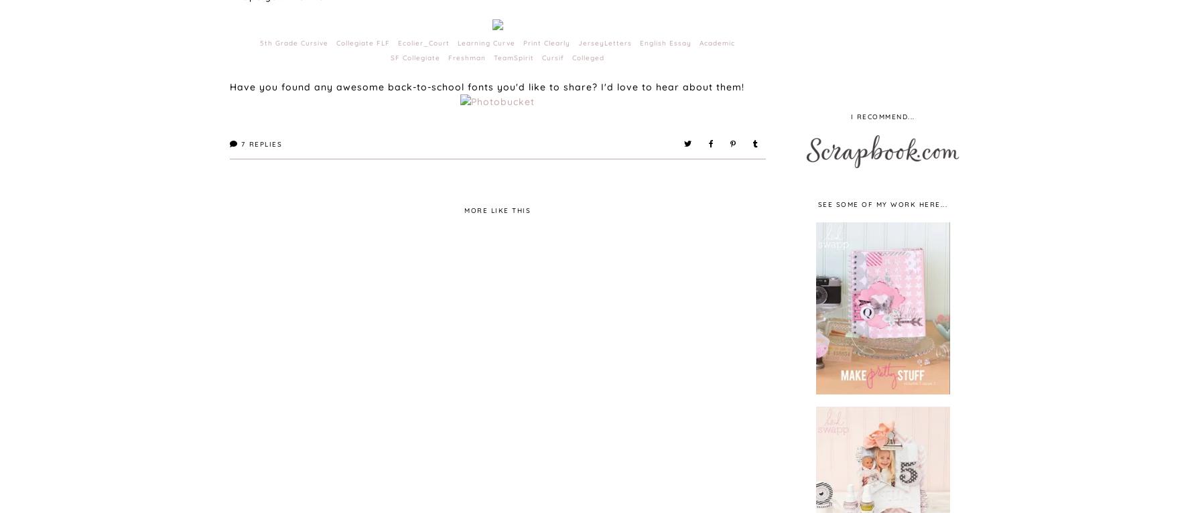 The height and width of the screenshot is (513, 1196). I want to click on 'i recommend...', so click(849, 115).